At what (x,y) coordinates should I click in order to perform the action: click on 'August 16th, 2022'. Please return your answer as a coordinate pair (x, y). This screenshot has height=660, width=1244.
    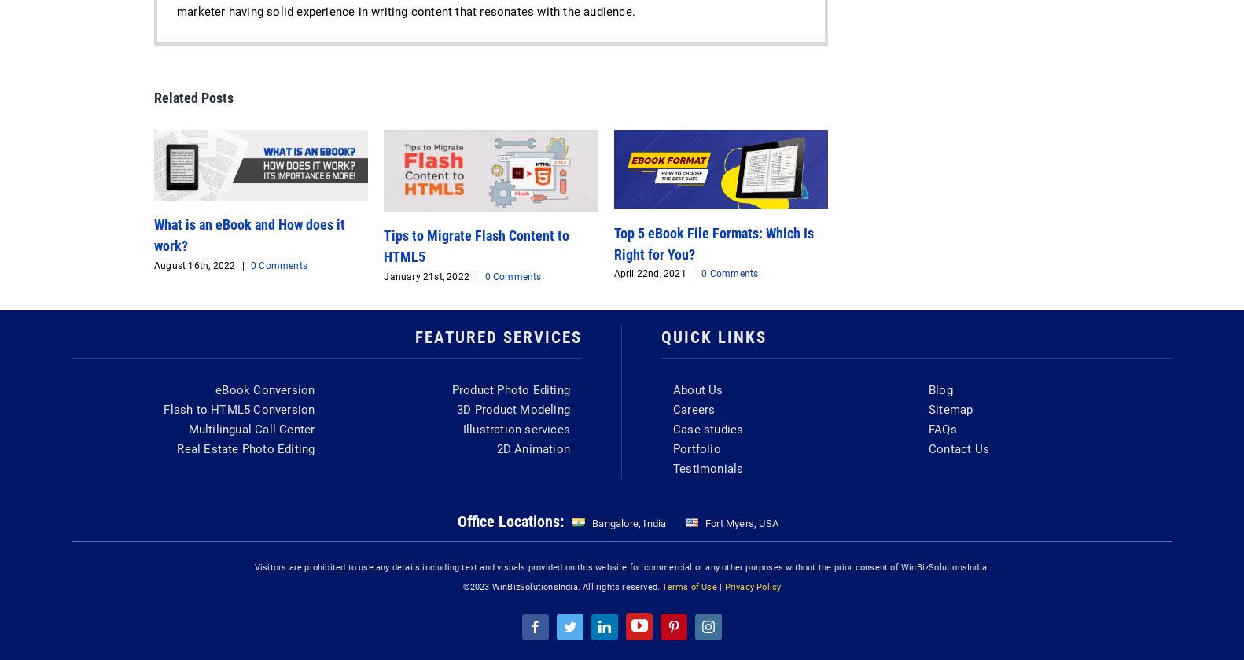
    Looking at the image, I should click on (193, 265).